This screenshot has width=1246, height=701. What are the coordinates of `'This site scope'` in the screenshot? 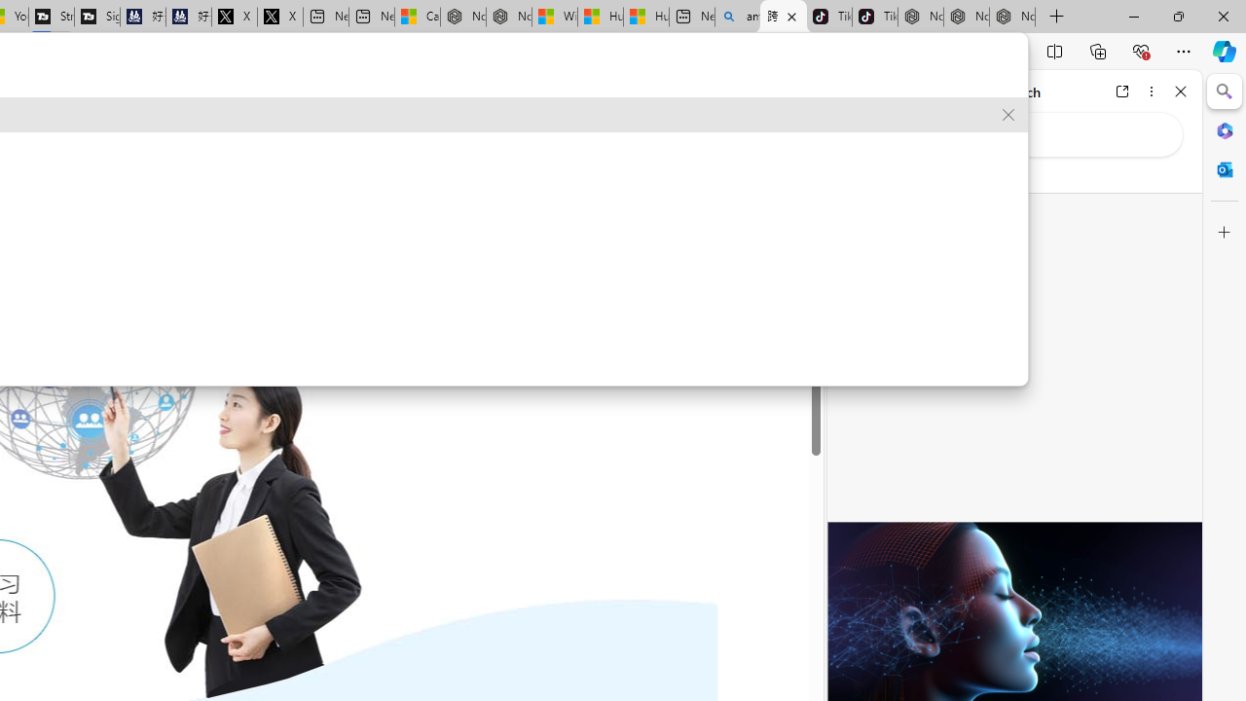 It's located at (910, 175).